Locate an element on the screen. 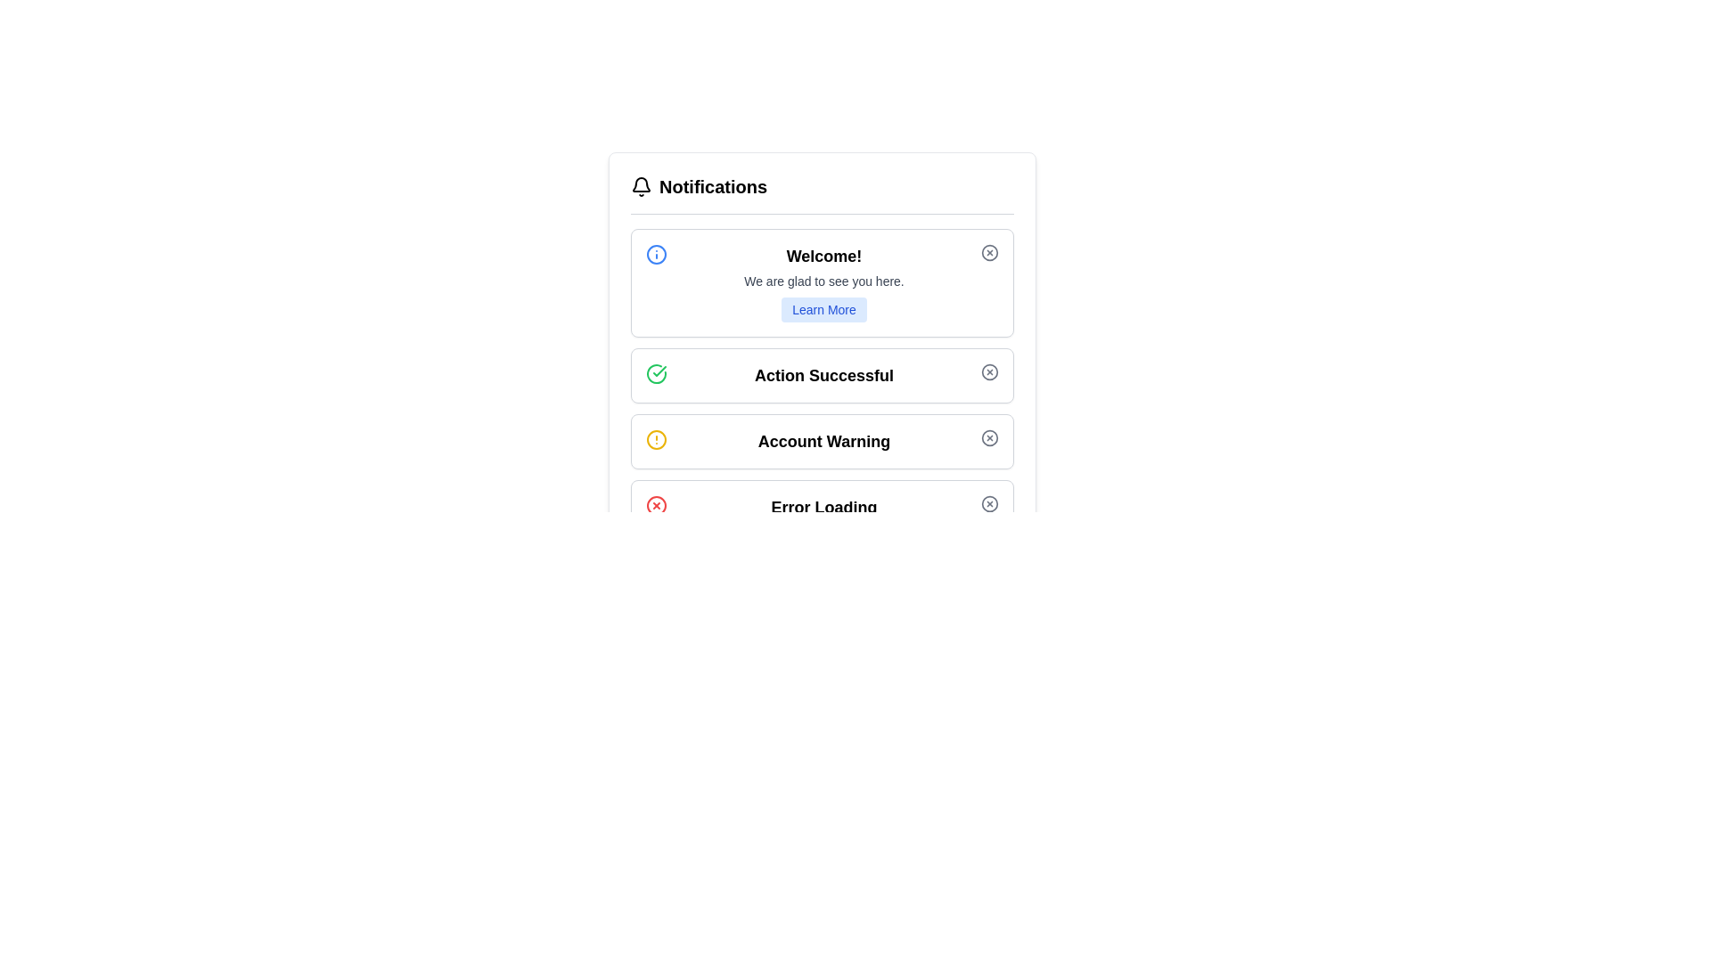 The width and height of the screenshot is (1711, 962). the notification title text label indicating a warning related to the user's account, positioned centrally within the notification panel is located at coordinates (823, 441).